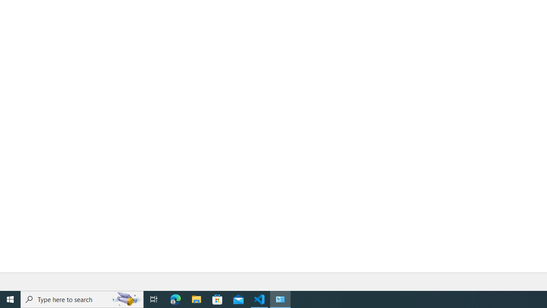  Describe the element at coordinates (196, 299) in the screenshot. I see `'File Explorer'` at that location.